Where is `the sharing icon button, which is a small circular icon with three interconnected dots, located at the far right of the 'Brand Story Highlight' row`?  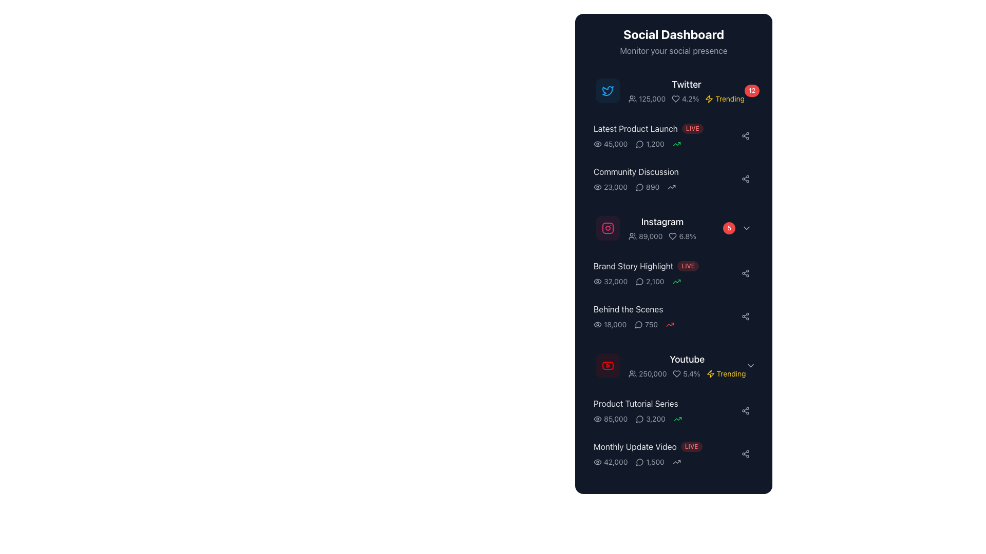 the sharing icon button, which is a small circular icon with three interconnected dots, located at the far right of the 'Brand Story Highlight' row is located at coordinates (745, 272).